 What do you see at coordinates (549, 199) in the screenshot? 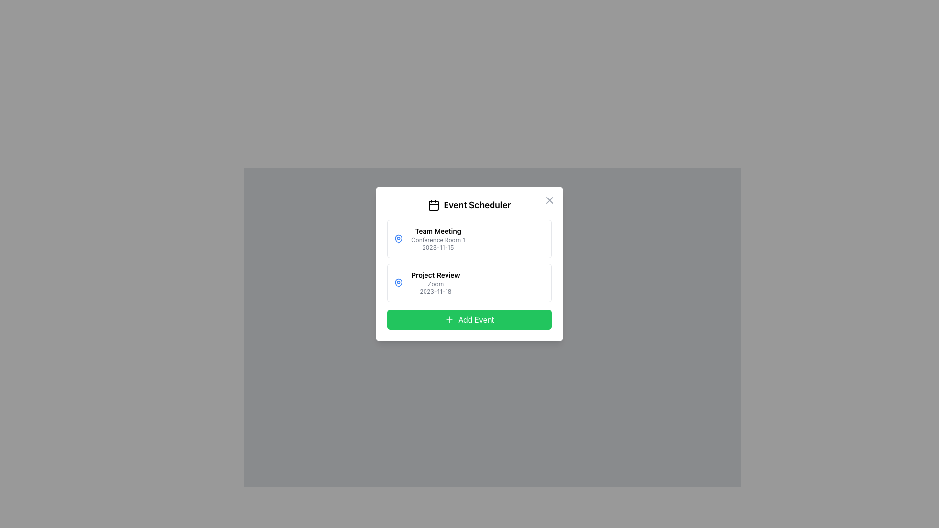
I see `the close button located at the top-right corner of the 'Event Scheduler' card to change its appearance` at bounding box center [549, 199].